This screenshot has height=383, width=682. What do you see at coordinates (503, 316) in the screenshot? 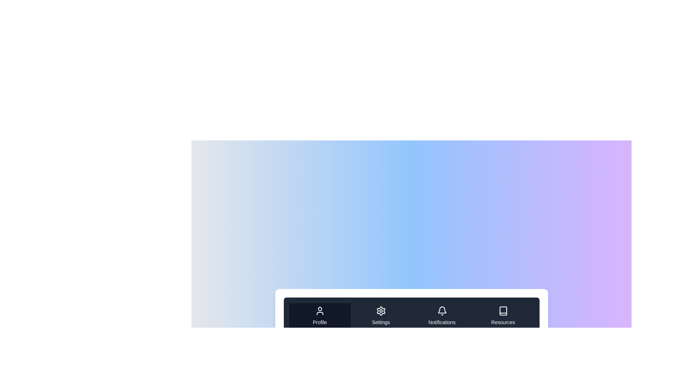
I see `the tab labeled Resources to navigate to its content` at bounding box center [503, 316].